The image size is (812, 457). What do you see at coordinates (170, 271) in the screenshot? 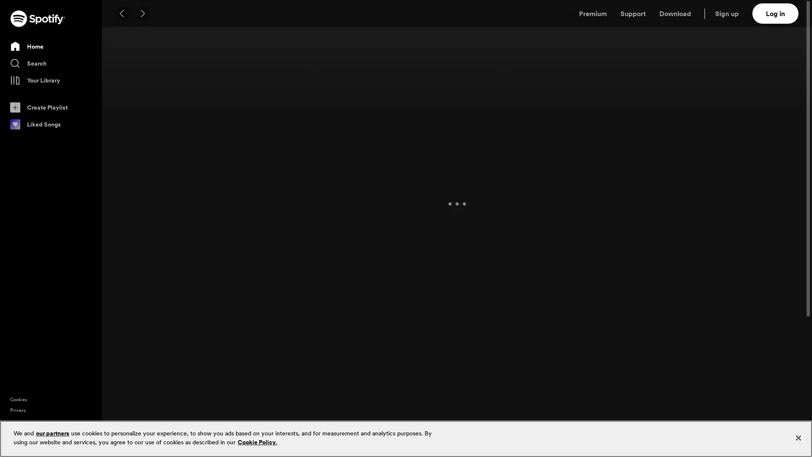
I see `Play Deep Focus` at bounding box center [170, 271].